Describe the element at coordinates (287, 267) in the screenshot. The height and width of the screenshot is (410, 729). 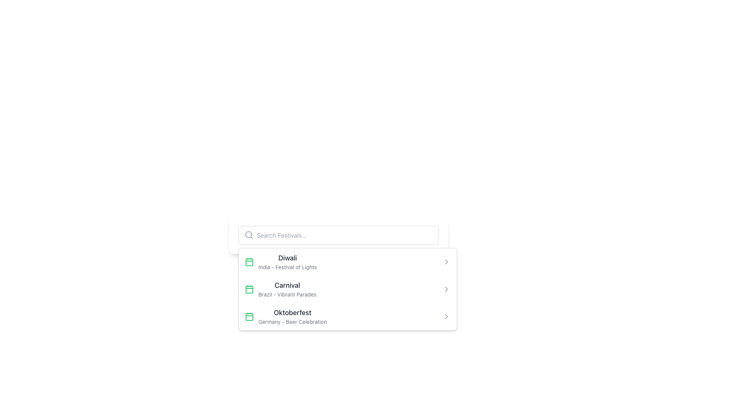
I see `the text label providing additional descriptive information about the main entry 'Diwali', which is positioned directly below the 'Diwali' label in the central-right area of the interface` at that location.